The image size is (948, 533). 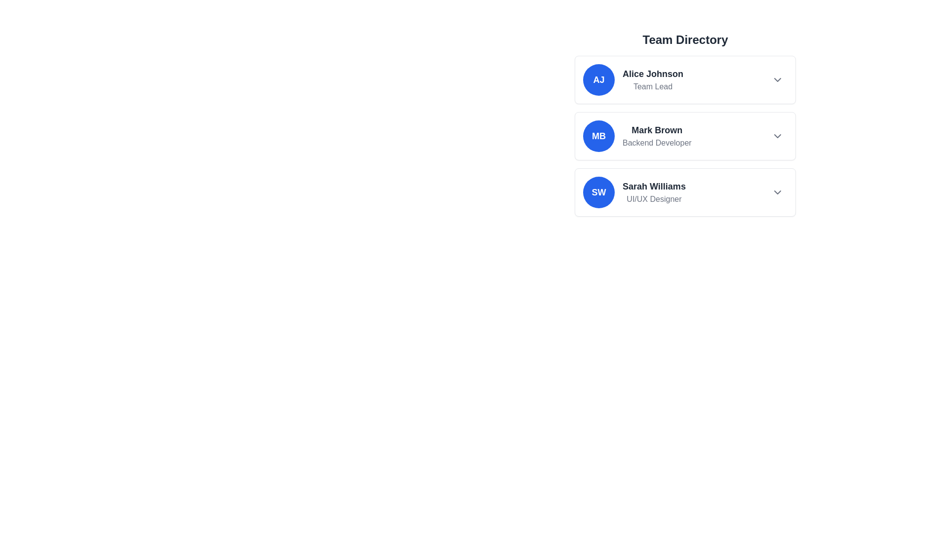 I want to click on text information block displaying the name and role of Alice Johnson, Team Lead, located in the top section of the team directory list, so click(x=653, y=79).